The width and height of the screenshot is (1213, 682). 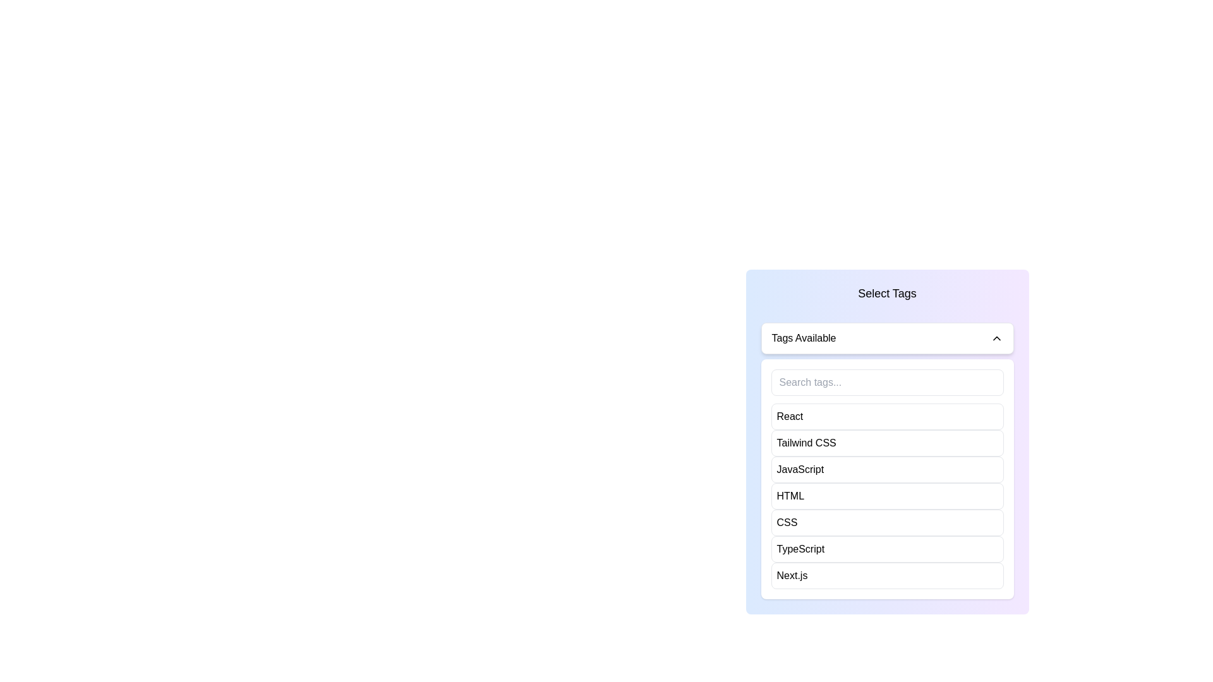 I want to click on the text label 'TypeScript' which is the sixth item in a vertically aligned list of selectable tags located in a dropdown menu under 'Select Tags', so click(x=800, y=549).